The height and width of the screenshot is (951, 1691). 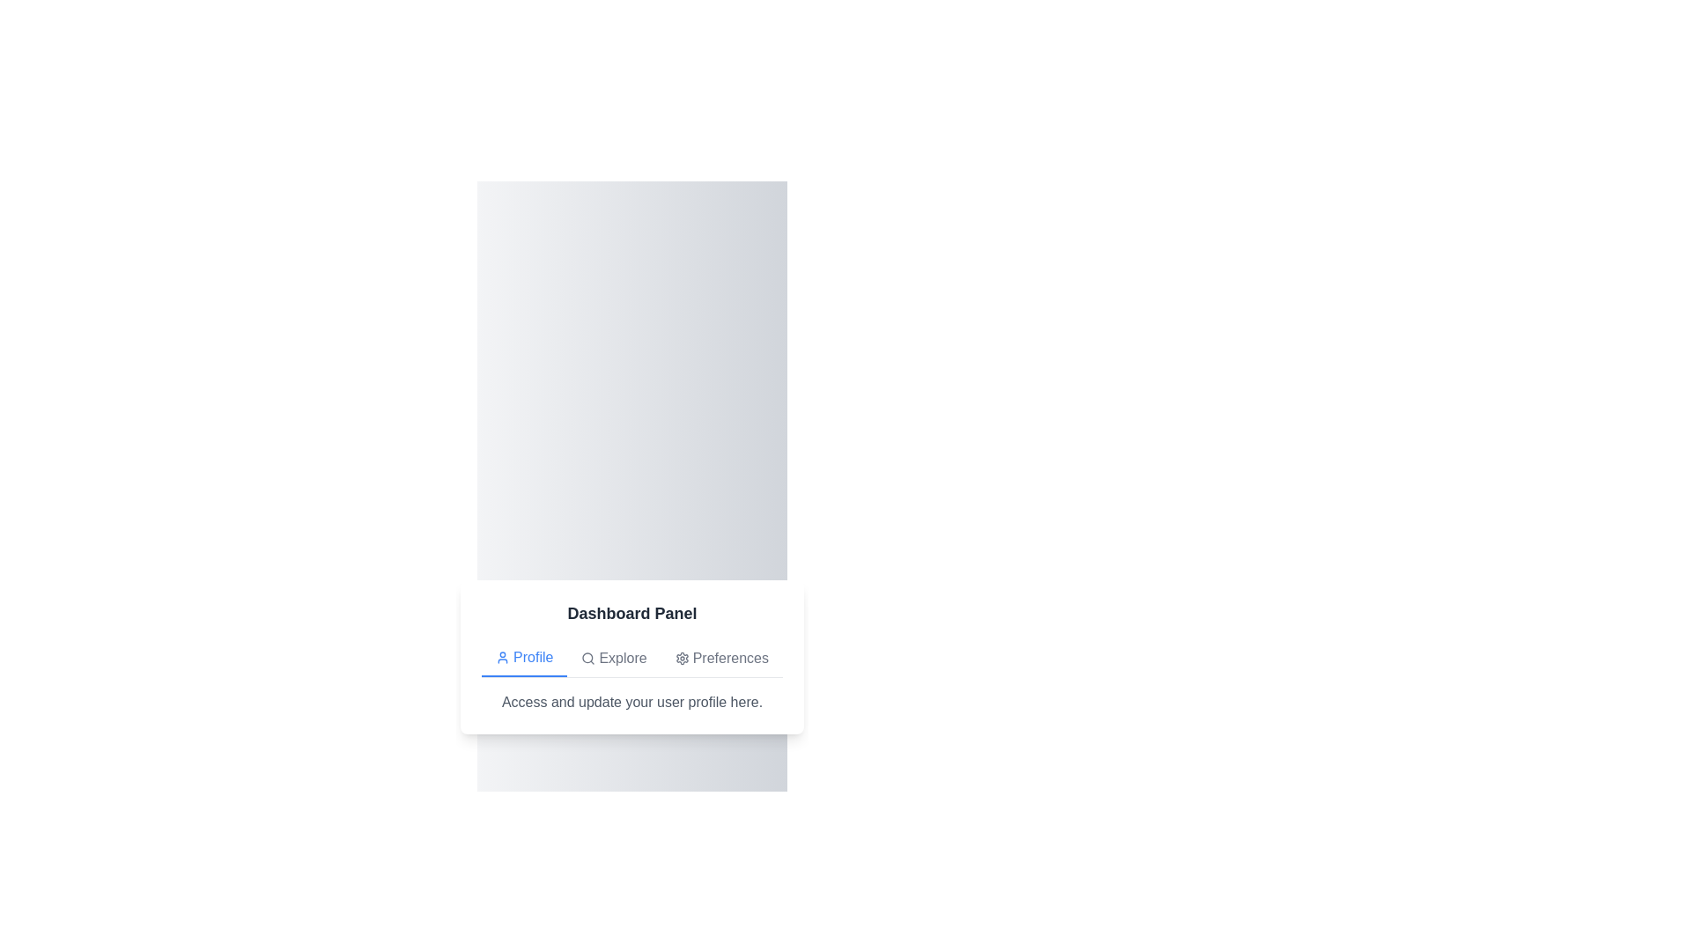 What do you see at coordinates (614, 658) in the screenshot?
I see `the 'Explore' button in the top navigation menu` at bounding box center [614, 658].